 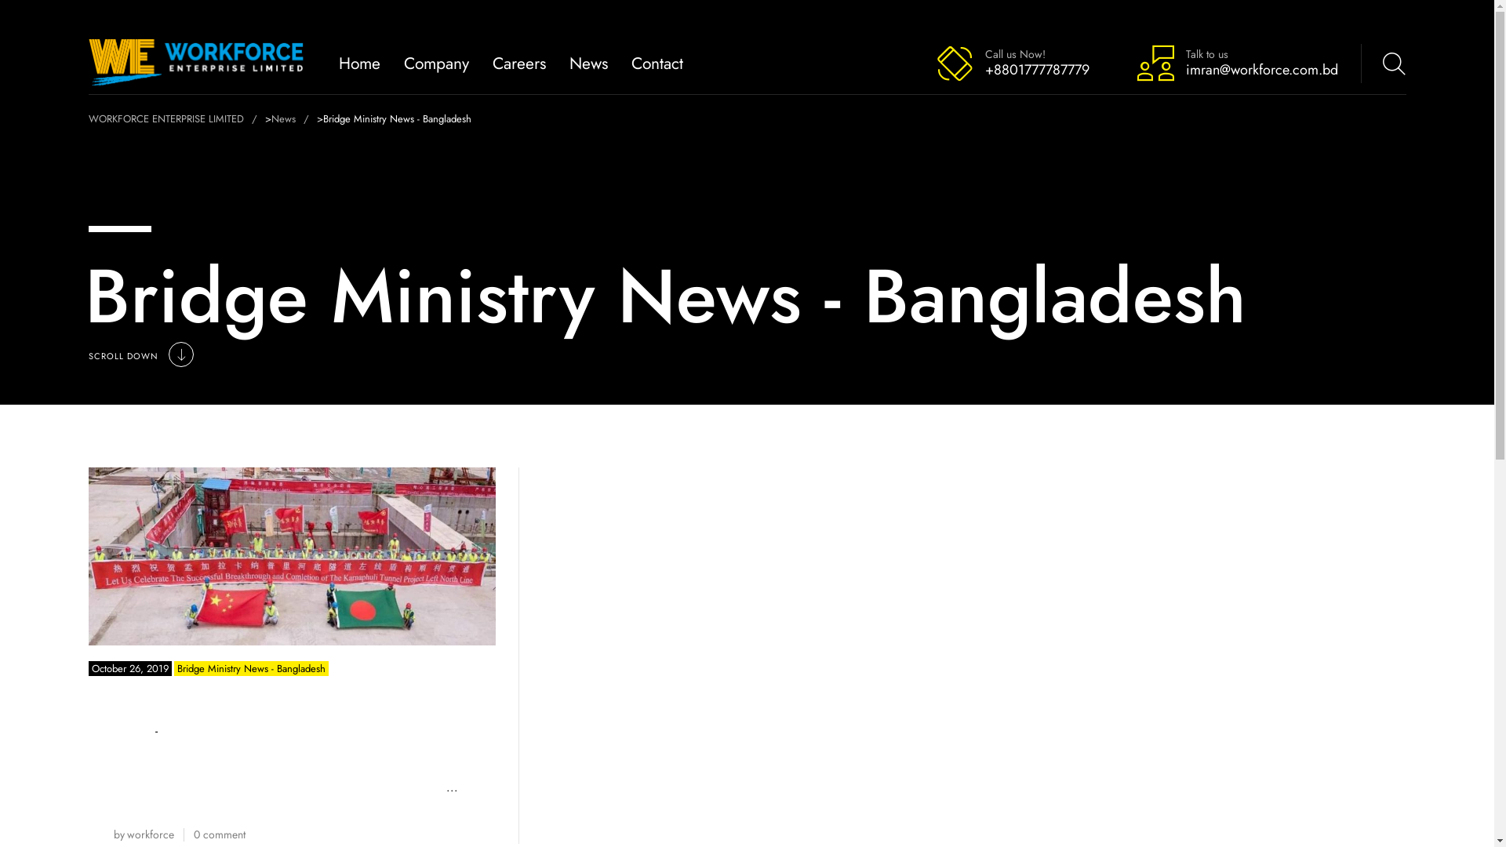 What do you see at coordinates (1235, 62) in the screenshot?
I see `'Talk to us` at bounding box center [1235, 62].